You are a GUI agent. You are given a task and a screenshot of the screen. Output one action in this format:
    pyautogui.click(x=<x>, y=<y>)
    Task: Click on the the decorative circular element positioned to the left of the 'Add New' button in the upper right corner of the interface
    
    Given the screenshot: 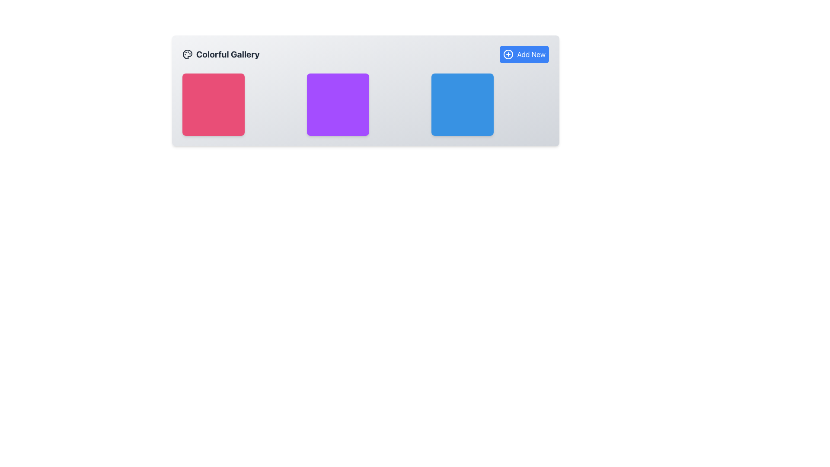 What is the action you would take?
    pyautogui.click(x=508, y=54)
    